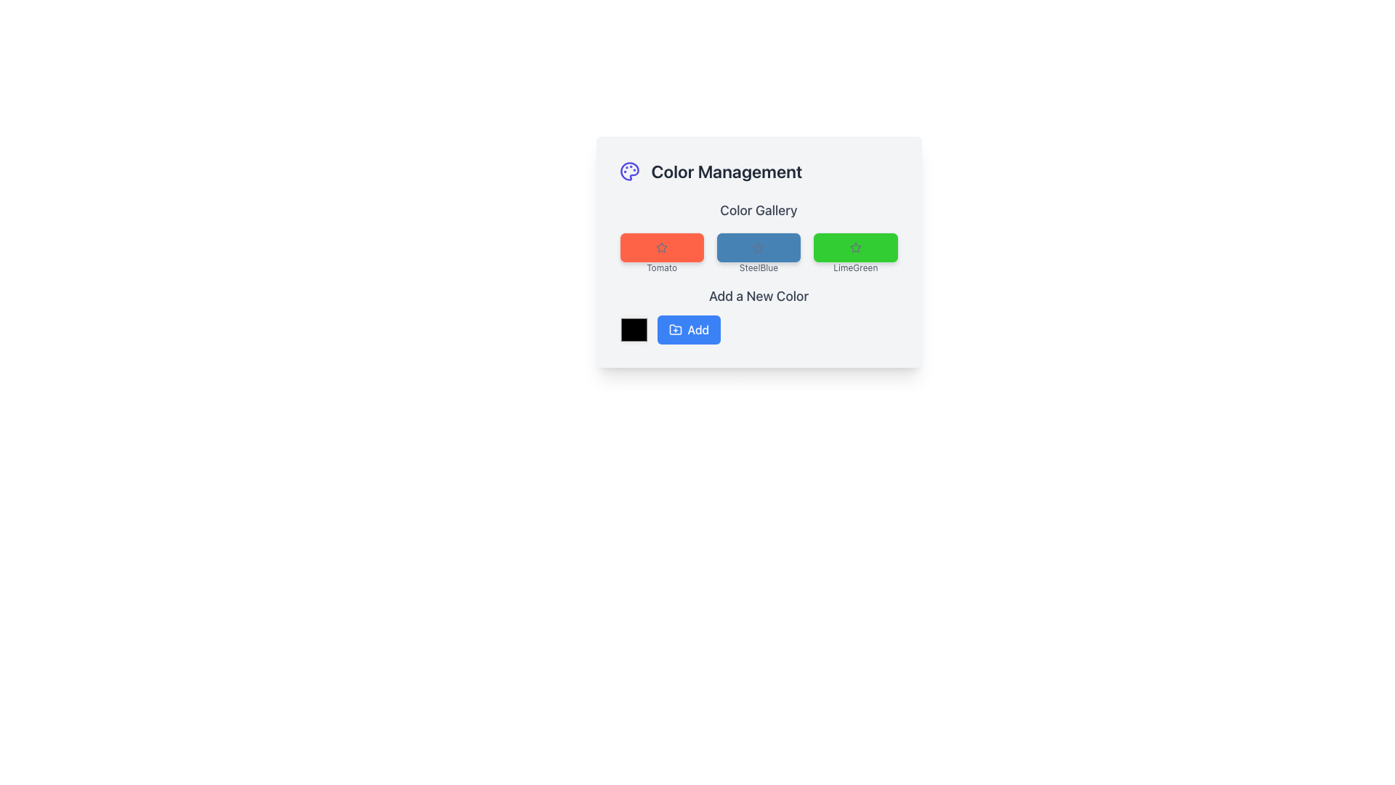 Image resolution: width=1395 pixels, height=785 pixels. What do you see at coordinates (727, 170) in the screenshot?
I see `the static text header labeled 'Color Management', which is styled with a large bold font and dark gray color, positioned above the 'Color Gallery' heading` at bounding box center [727, 170].